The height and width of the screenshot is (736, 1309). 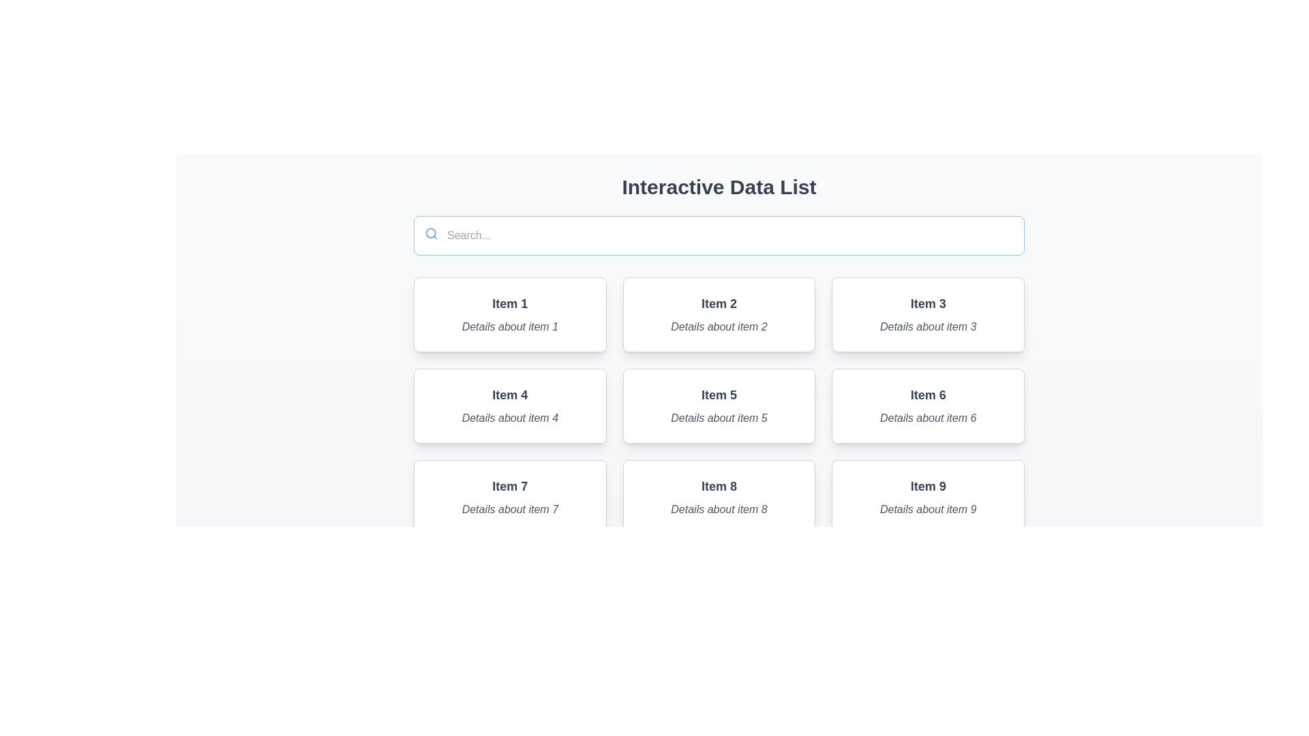 I want to click on the Textual Card displaying 'Item 3' with details about it, located in the top-right corner of the grid layout, so click(x=927, y=315).